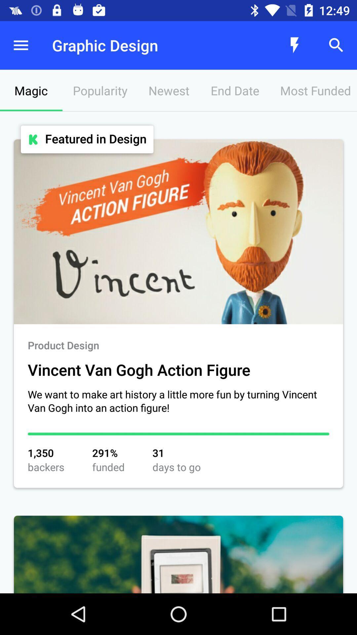  What do you see at coordinates (20, 45) in the screenshot?
I see `item next to the graphic design` at bounding box center [20, 45].